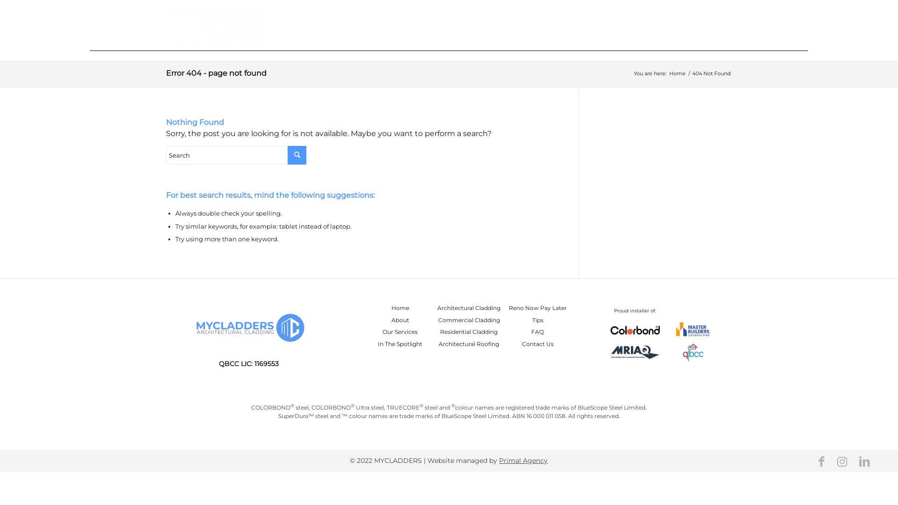 The height and width of the screenshot is (505, 898). I want to click on 'Contact Us', so click(538, 344).